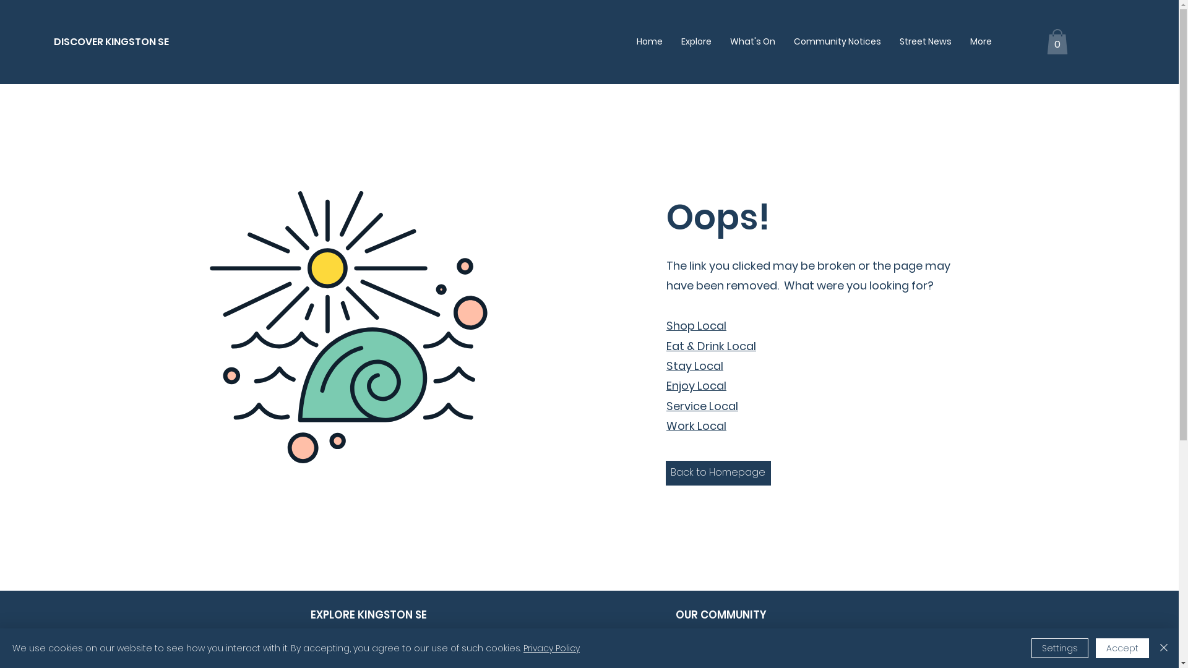 This screenshot has height=668, width=1188. I want to click on '0', so click(1056, 41).